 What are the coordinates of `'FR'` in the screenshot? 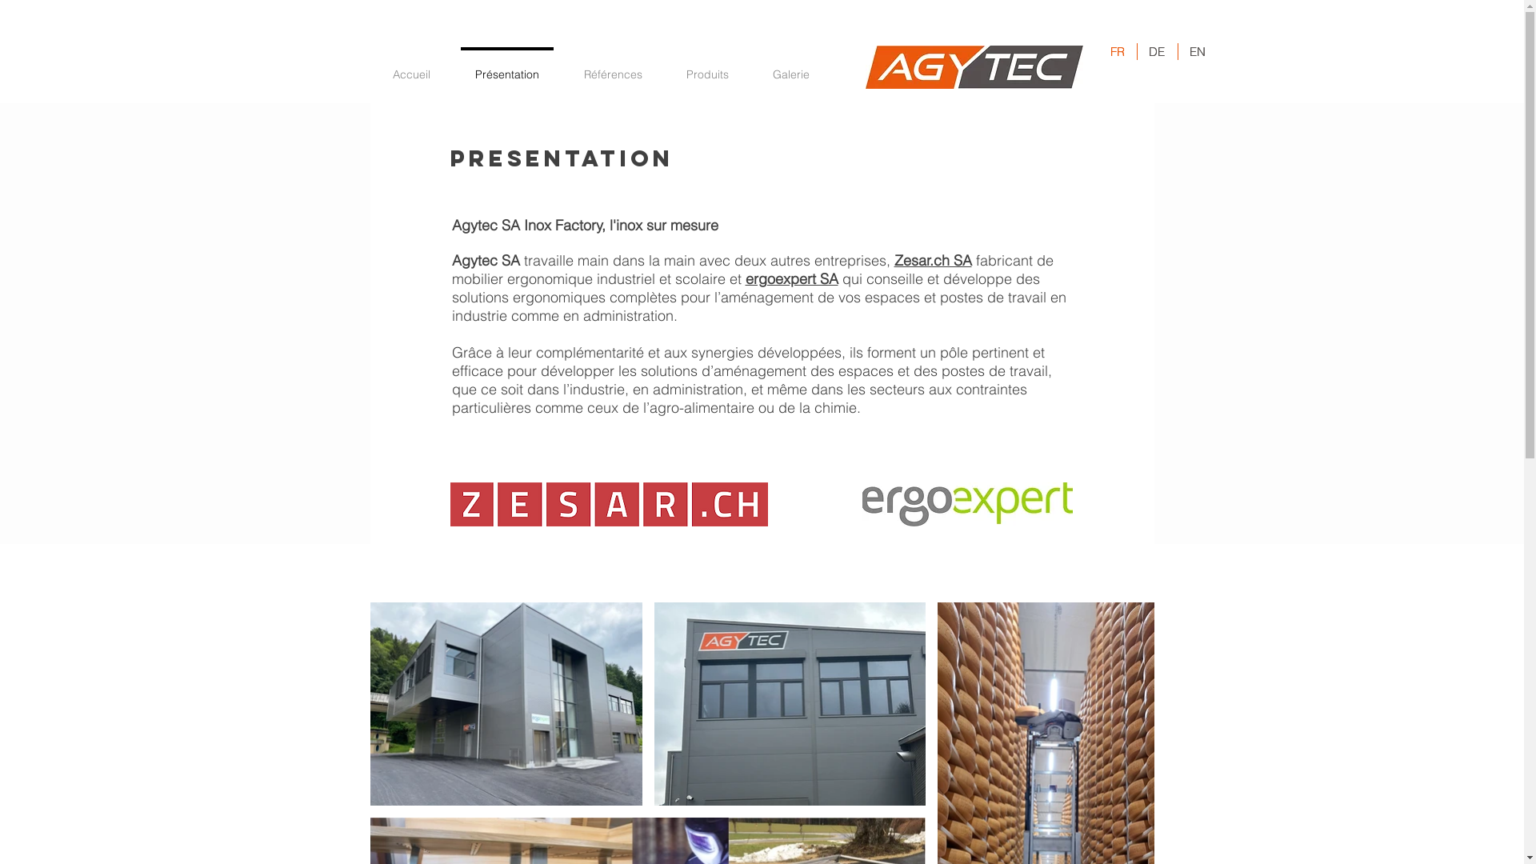 It's located at (1117, 50).